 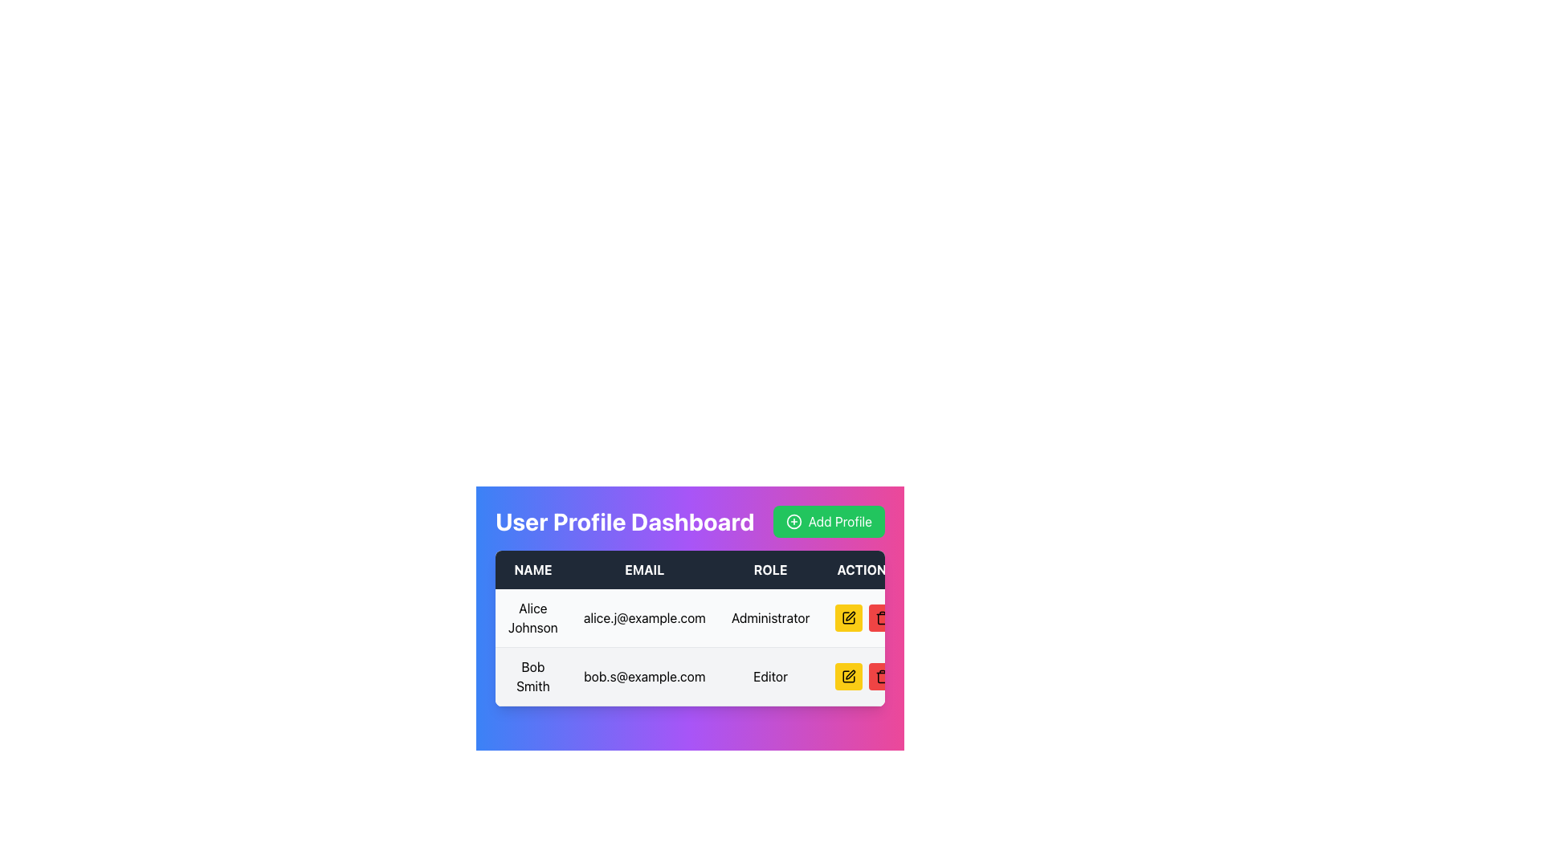 What do you see at coordinates (865, 677) in the screenshot?
I see `the right button in the group of control buttons for editing or deleting the user profile in the second row of the table under the 'ACTION' column` at bounding box center [865, 677].